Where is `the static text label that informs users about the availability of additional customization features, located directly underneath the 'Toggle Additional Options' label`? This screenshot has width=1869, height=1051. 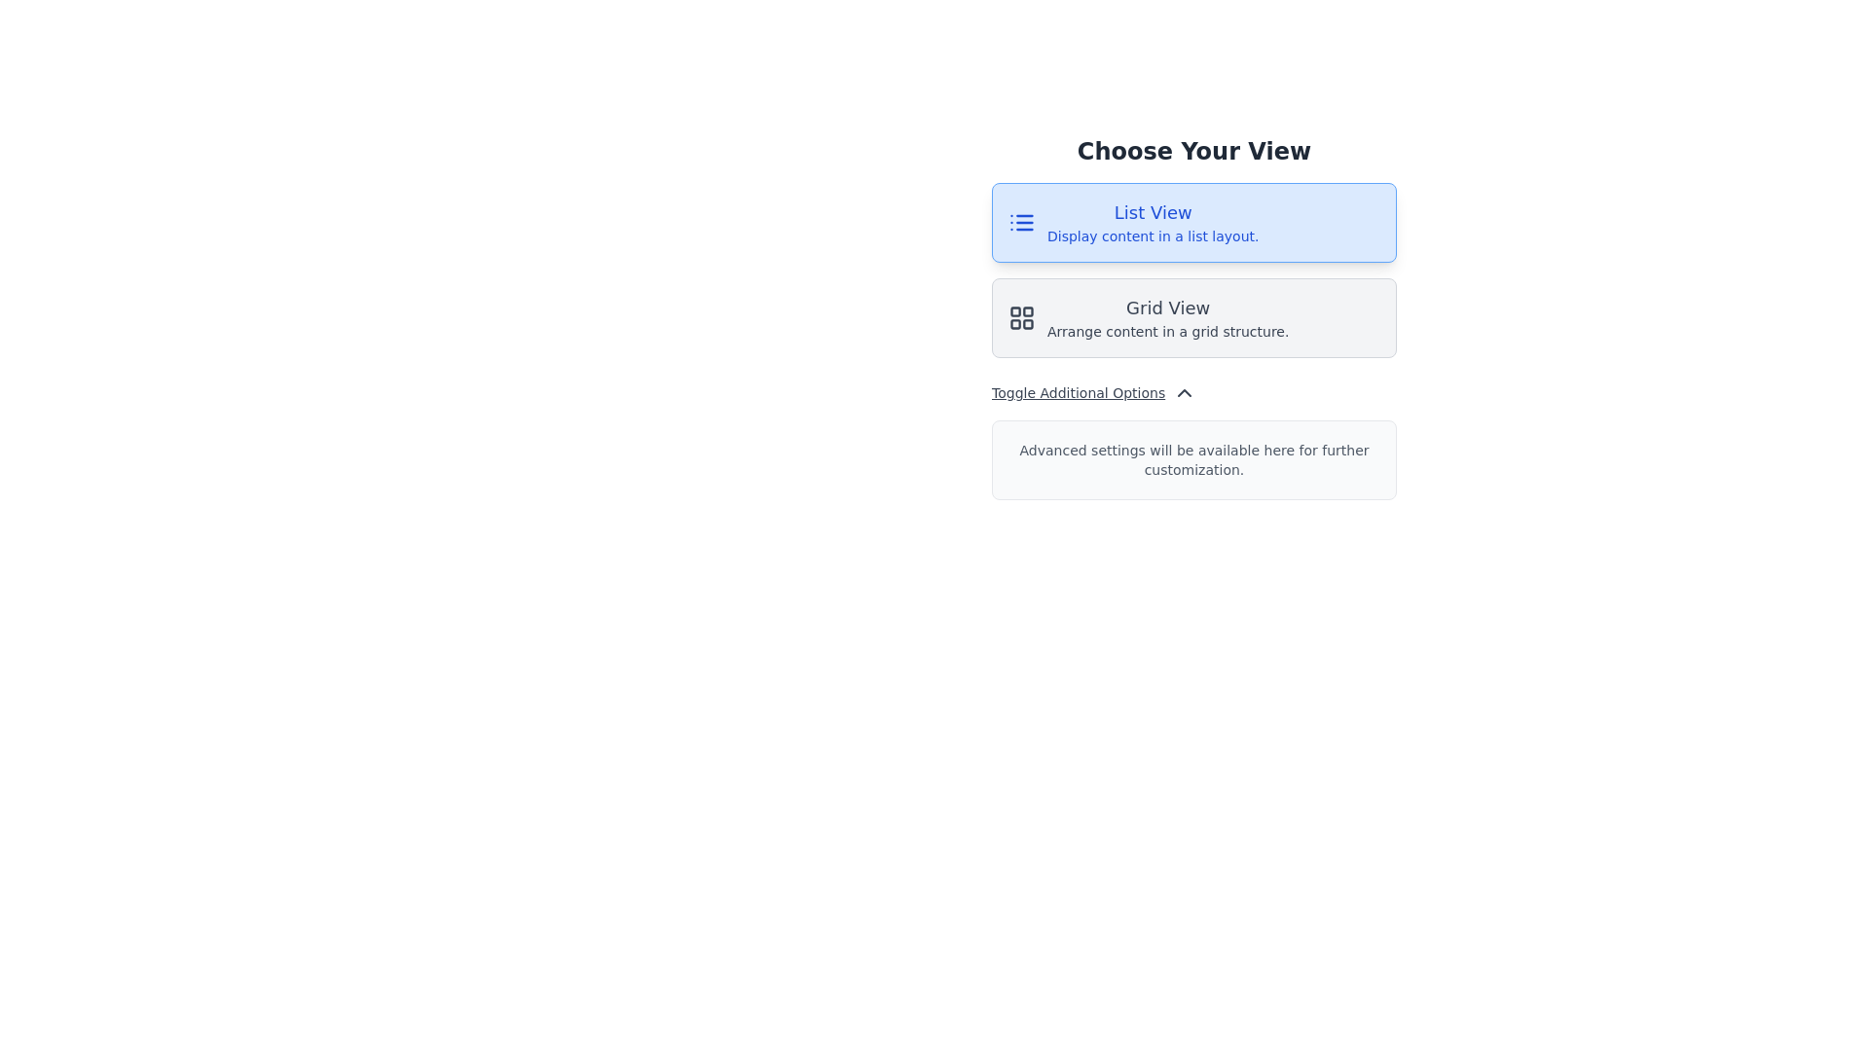
the static text label that informs users about the availability of additional customization features, located directly underneath the 'Toggle Additional Options' label is located at coordinates (1193, 460).